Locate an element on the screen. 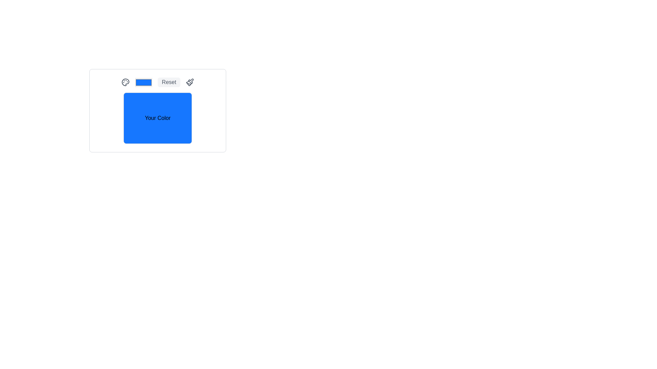 This screenshot has height=369, width=657. the text label displaying 'Your Color' in black font on a bright blue background with rounded corners is located at coordinates (157, 118).